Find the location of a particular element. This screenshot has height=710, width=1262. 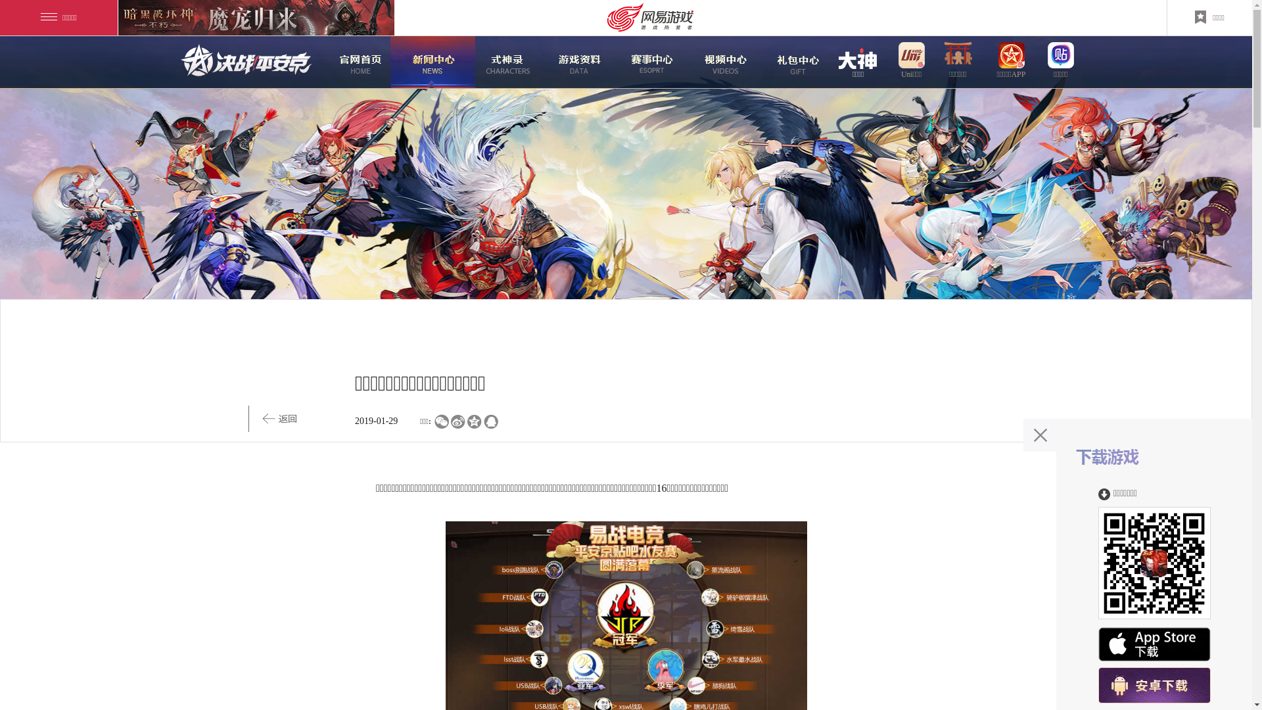

'logo' is located at coordinates (246, 55).